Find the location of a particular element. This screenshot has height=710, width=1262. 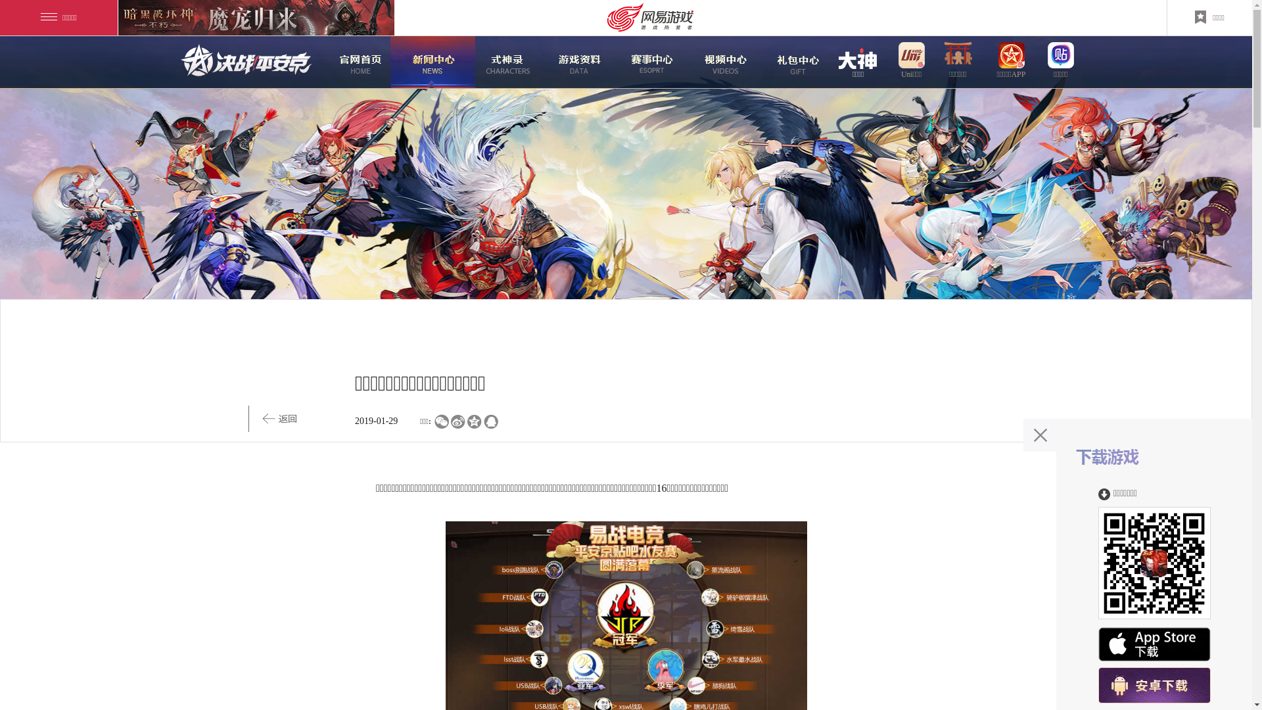

'logo' is located at coordinates (246, 55).